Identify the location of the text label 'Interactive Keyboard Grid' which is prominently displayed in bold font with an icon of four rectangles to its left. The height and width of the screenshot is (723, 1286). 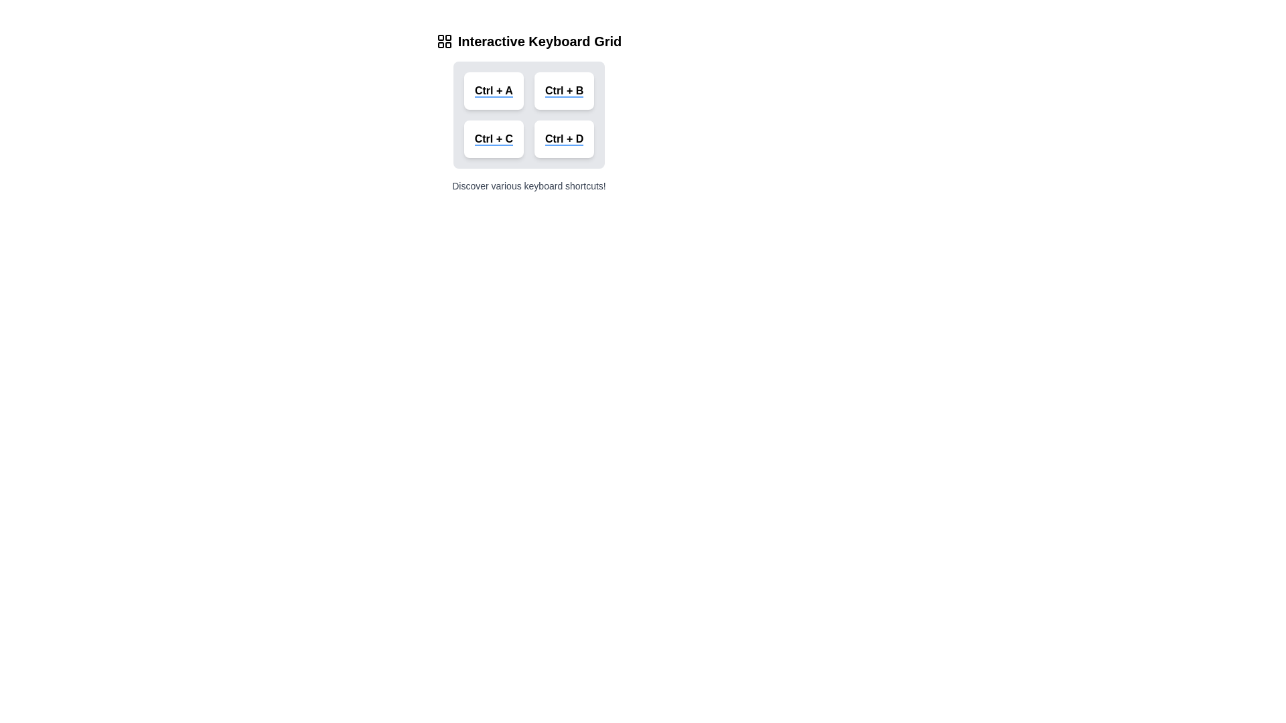
(528, 40).